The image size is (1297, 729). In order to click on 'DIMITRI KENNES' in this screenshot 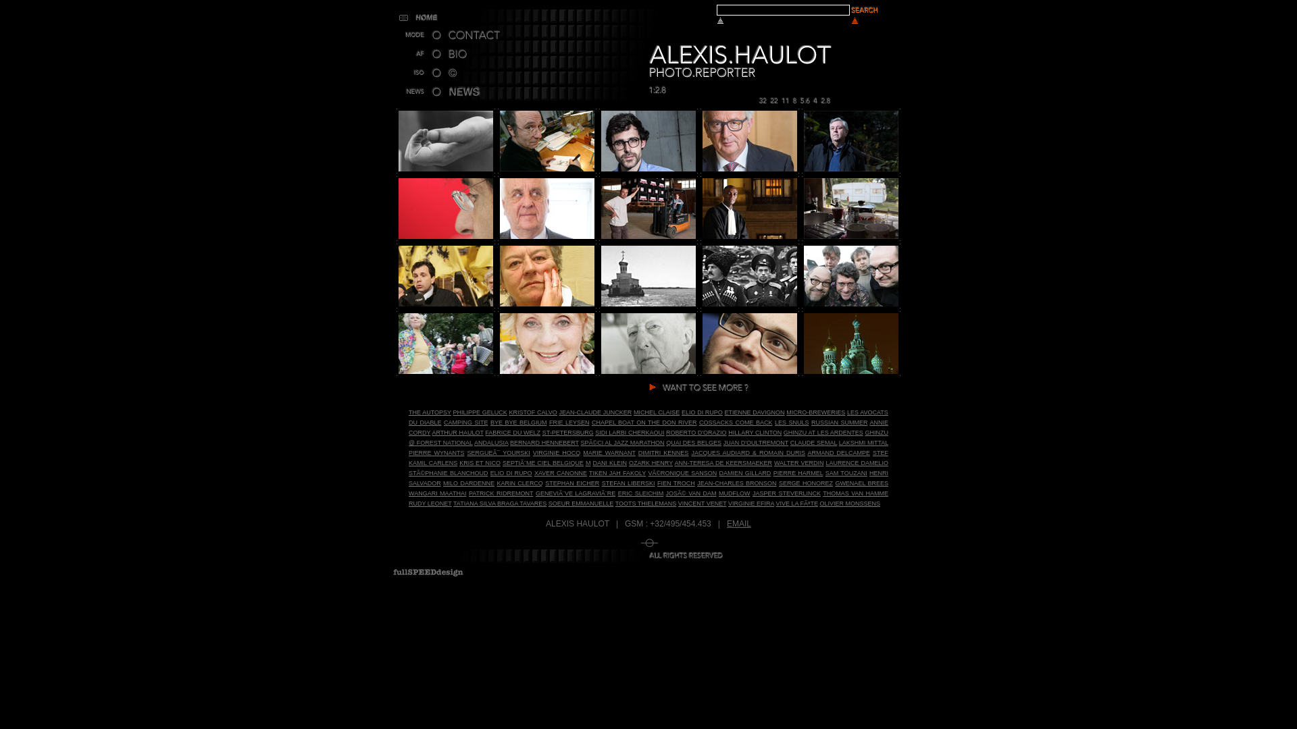, I will do `click(663, 453)`.